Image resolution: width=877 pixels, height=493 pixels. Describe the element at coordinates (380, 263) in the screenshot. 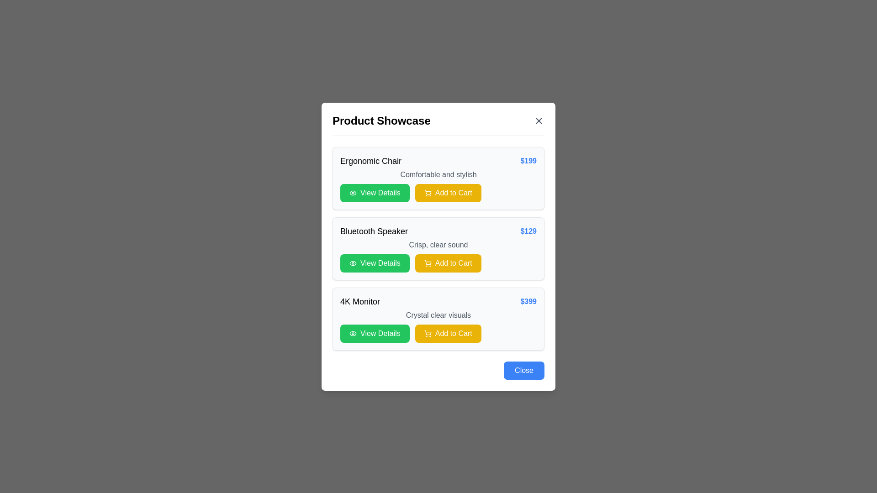

I see `the button` at that location.